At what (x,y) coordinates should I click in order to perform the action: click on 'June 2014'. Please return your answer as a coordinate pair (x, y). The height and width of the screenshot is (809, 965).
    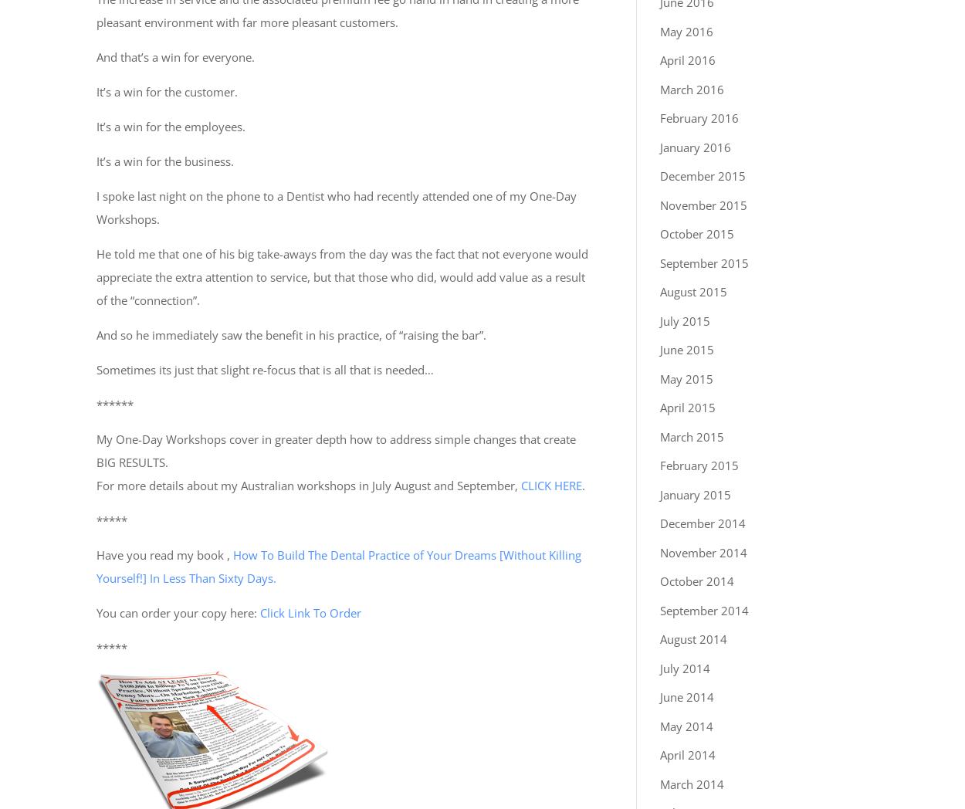
    Looking at the image, I should click on (687, 696).